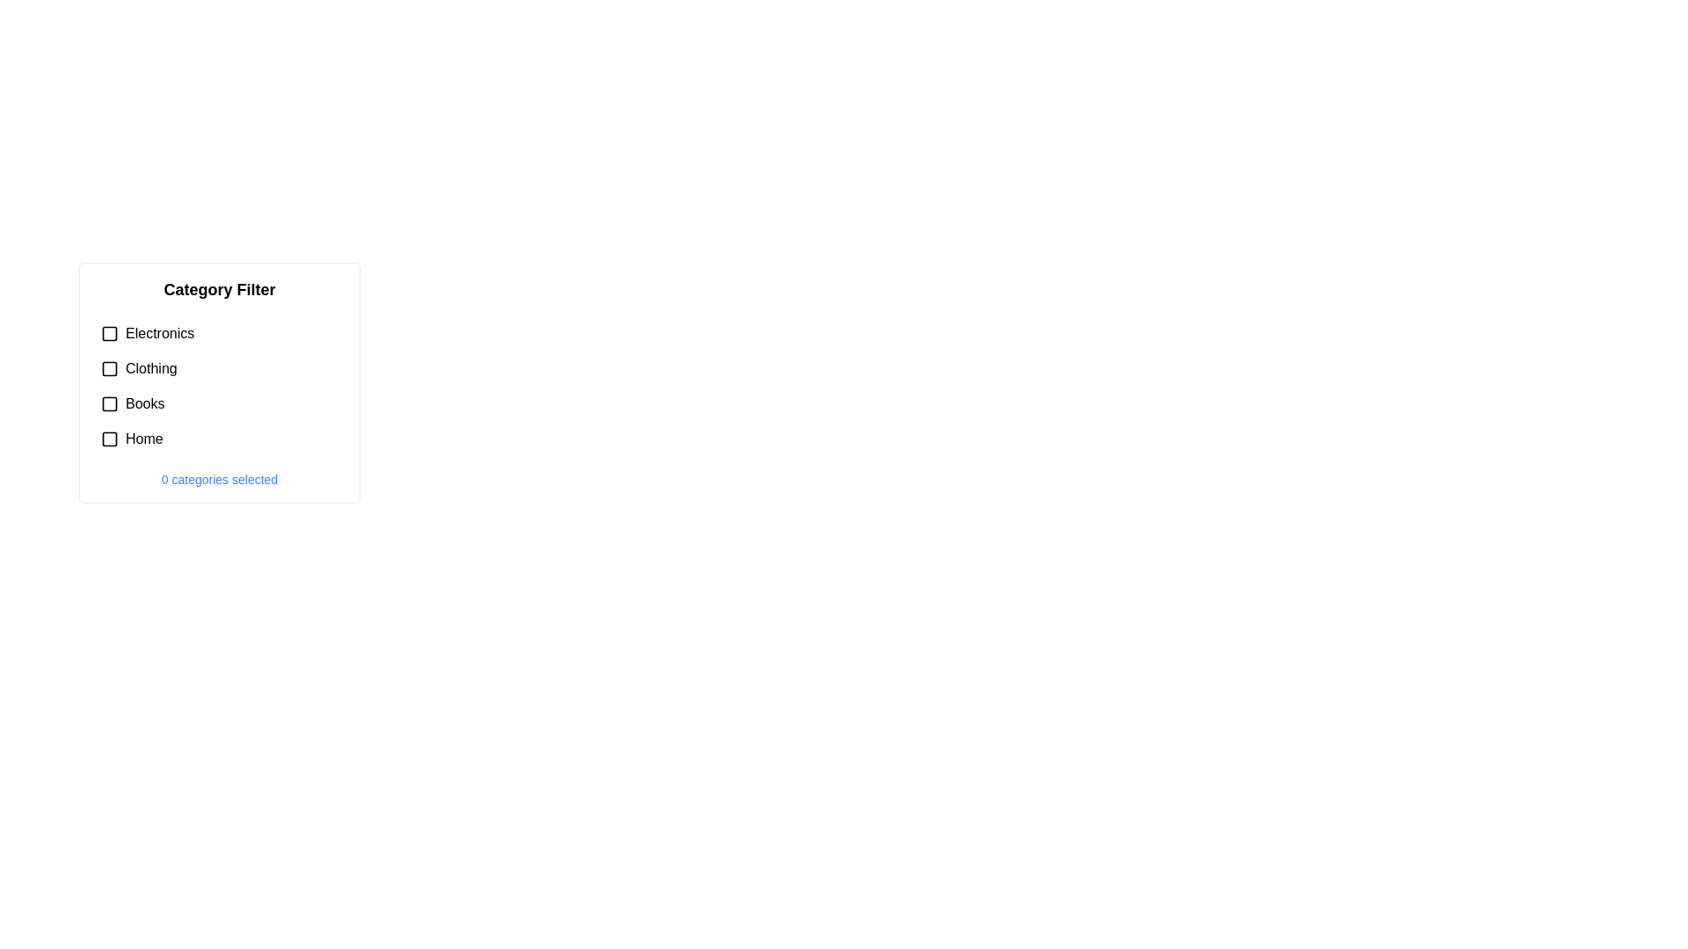  I want to click on the Text label that displays the number of currently selected categories in the category filter interface, located below the four listed categories (Electronics, Clothing, Books, Home), so click(218, 480).